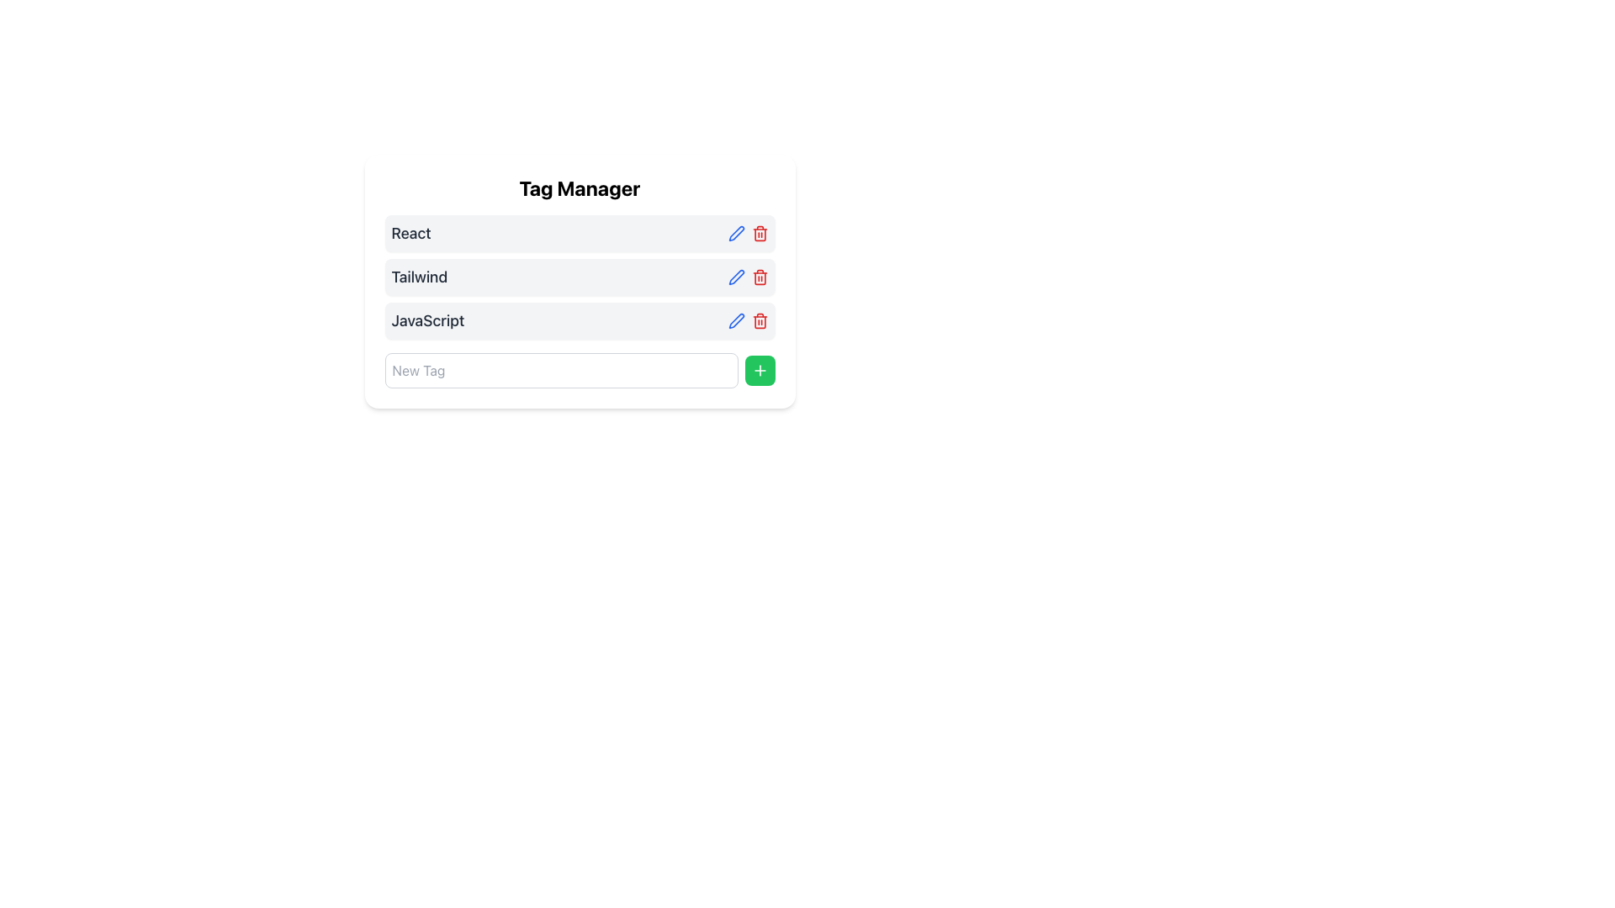  What do you see at coordinates (736, 320) in the screenshot?
I see `the pen icon button located to the right side of the third row, adjacent to the 'JavaScript' tag` at bounding box center [736, 320].